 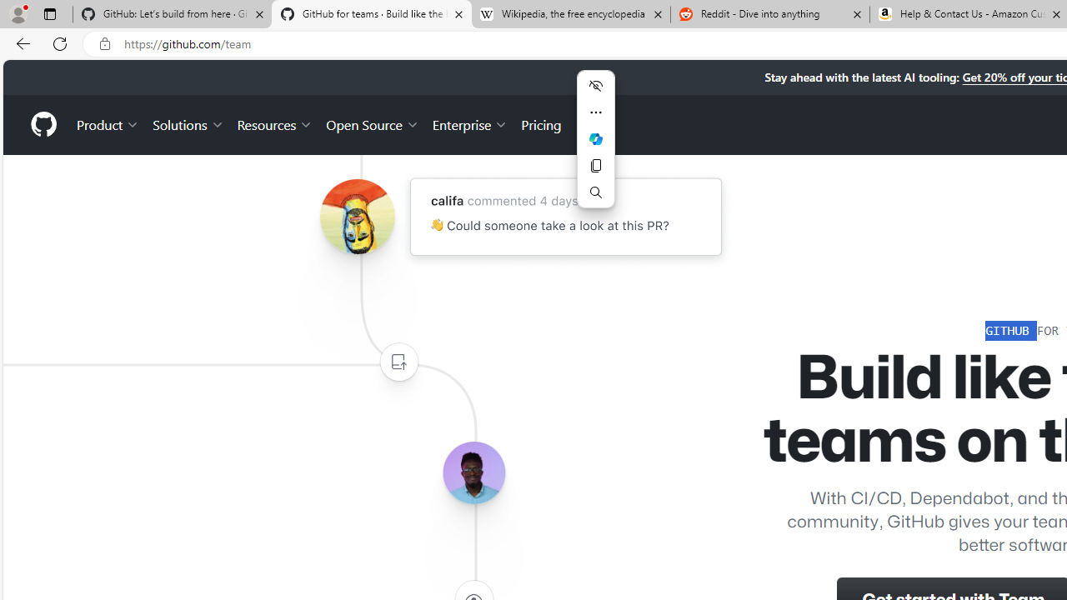 I want to click on 'Ask Copilot', so click(x=595, y=138).